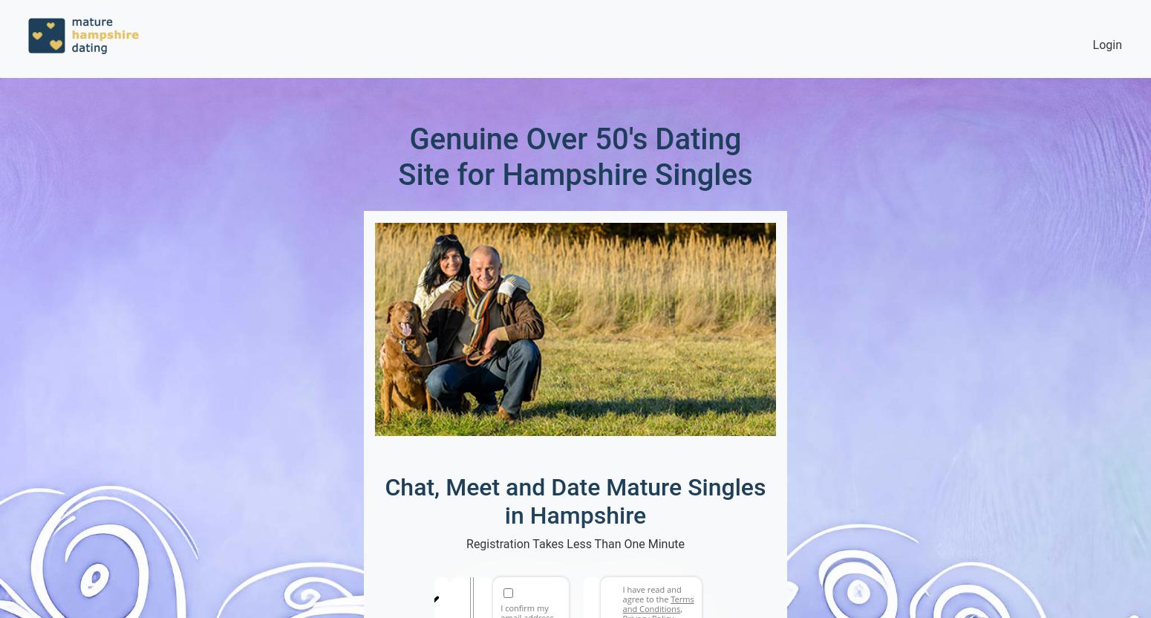 This screenshot has height=618, width=1151. Describe the element at coordinates (450, 585) in the screenshot. I see `'First name'` at that location.